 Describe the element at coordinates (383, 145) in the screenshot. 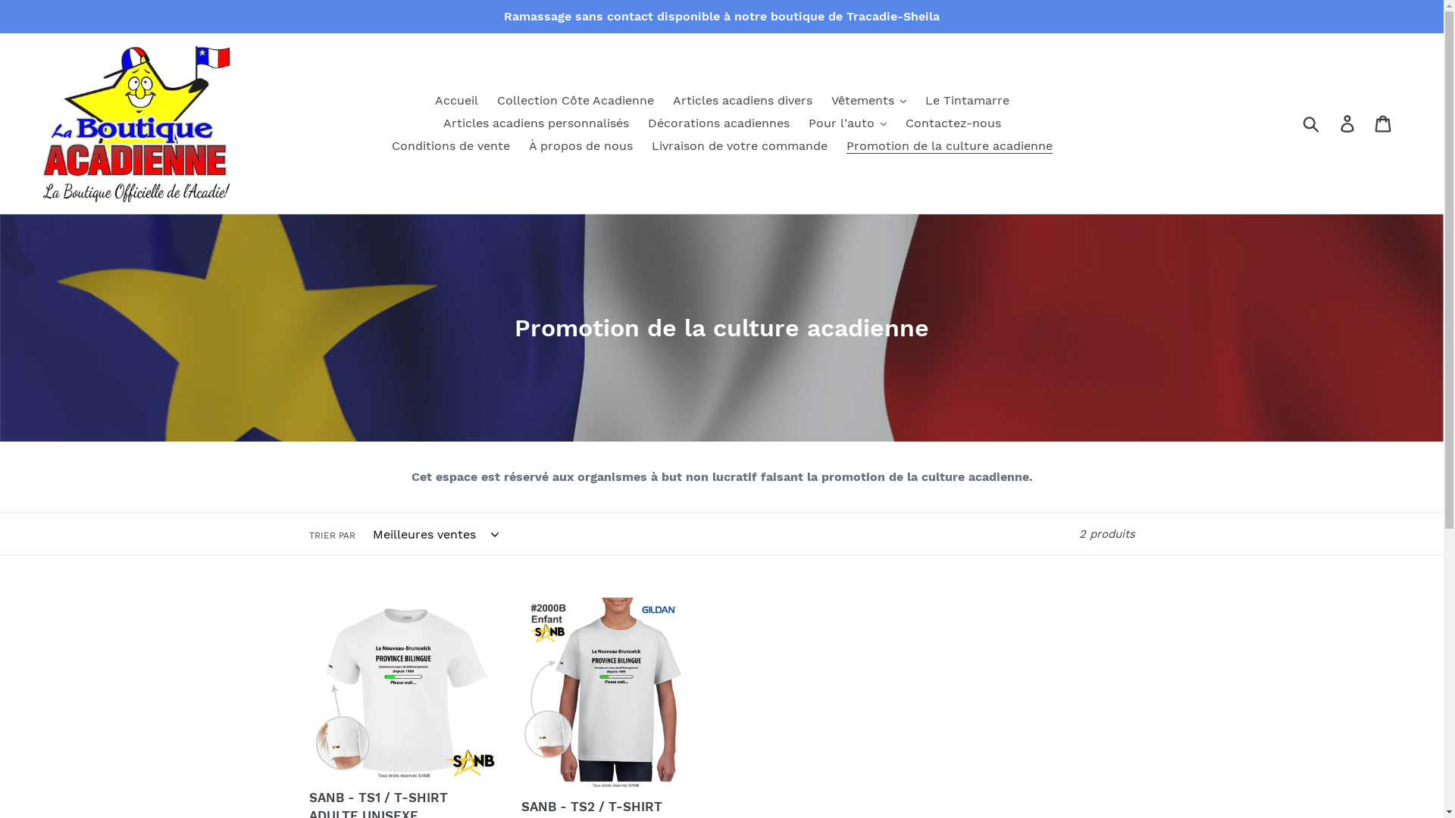

I see `'Conditions de vente'` at that location.